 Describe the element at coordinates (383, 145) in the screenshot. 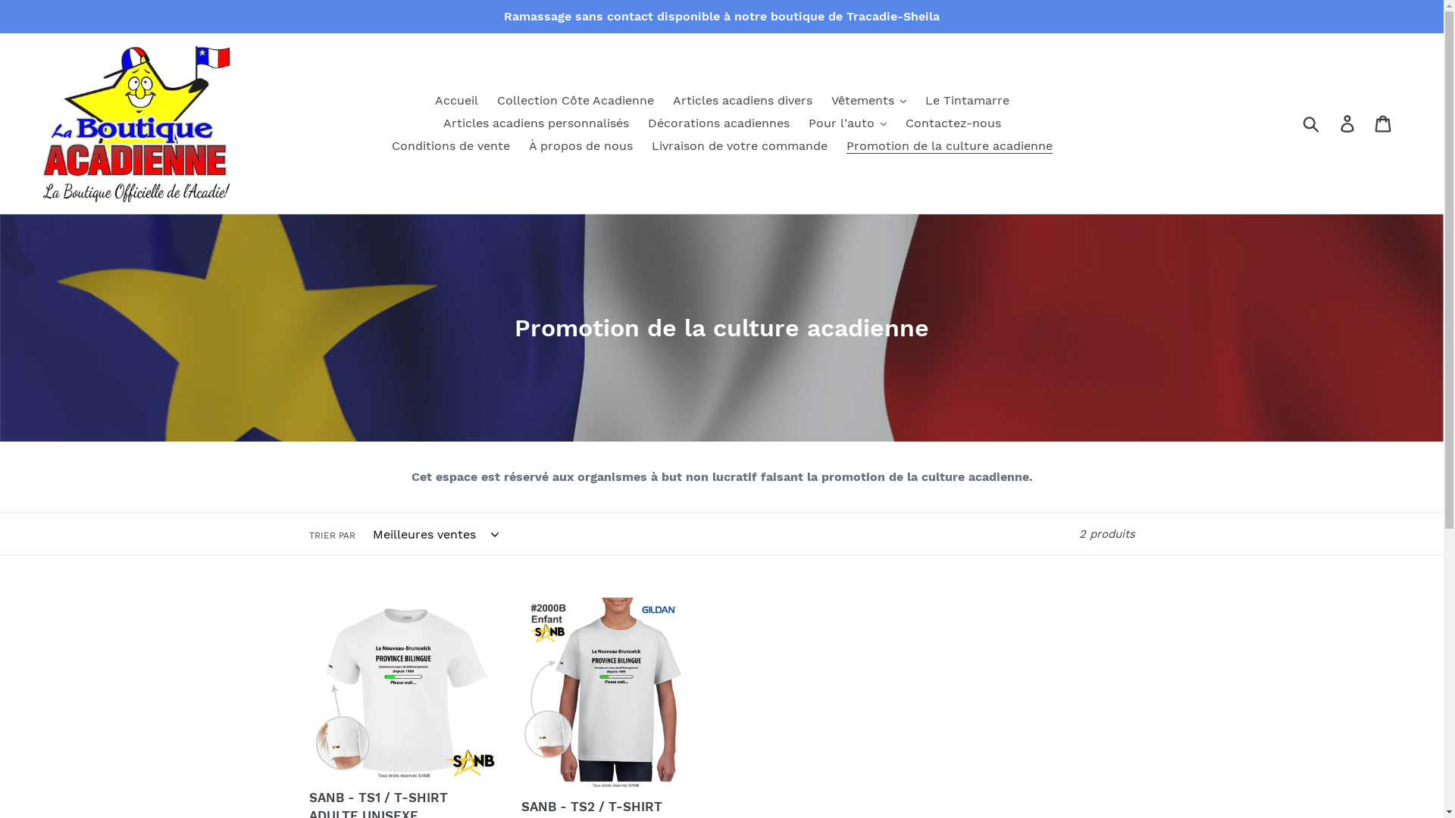

I see `'Conditions de vente'` at that location.